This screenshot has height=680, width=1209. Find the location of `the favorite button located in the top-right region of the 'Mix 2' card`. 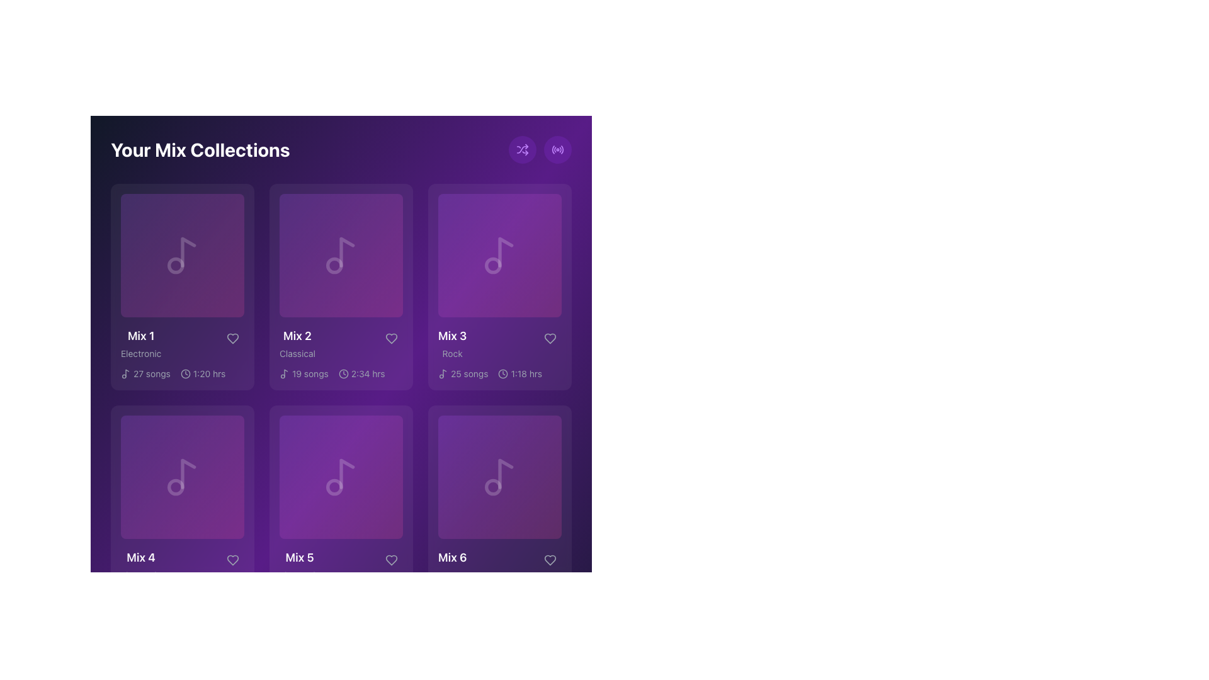

the favorite button located in the top-right region of the 'Mix 2' card is located at coordinates (391, 337).